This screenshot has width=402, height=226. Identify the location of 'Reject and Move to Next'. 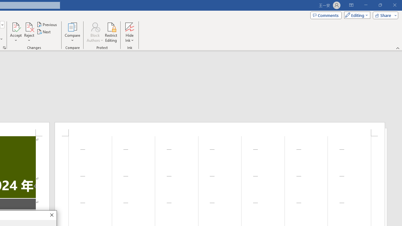
(29, 26).